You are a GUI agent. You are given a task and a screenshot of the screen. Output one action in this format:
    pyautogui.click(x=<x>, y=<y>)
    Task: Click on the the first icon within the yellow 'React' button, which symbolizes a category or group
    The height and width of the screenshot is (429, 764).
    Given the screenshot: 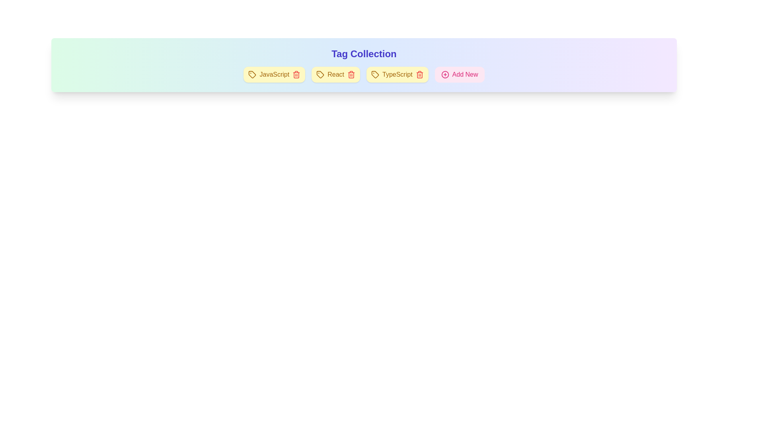 What is the action you would take?
    pyautogui.click(x=320, y=75)
    